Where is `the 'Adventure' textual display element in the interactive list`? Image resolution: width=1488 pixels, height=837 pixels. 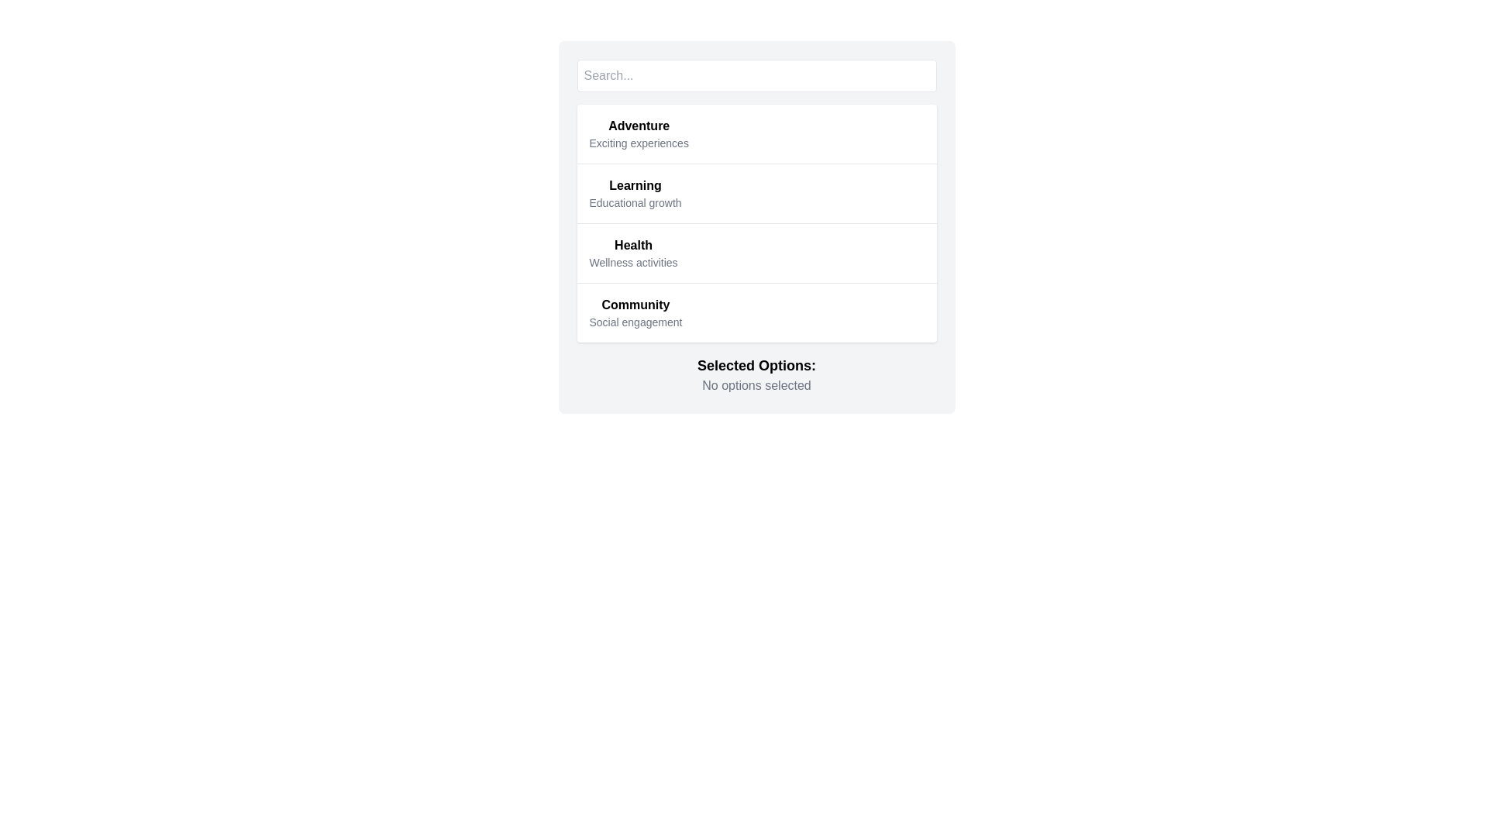
the 'Adventure' textual display element in the interactive list is located at coordinates (639, 133).